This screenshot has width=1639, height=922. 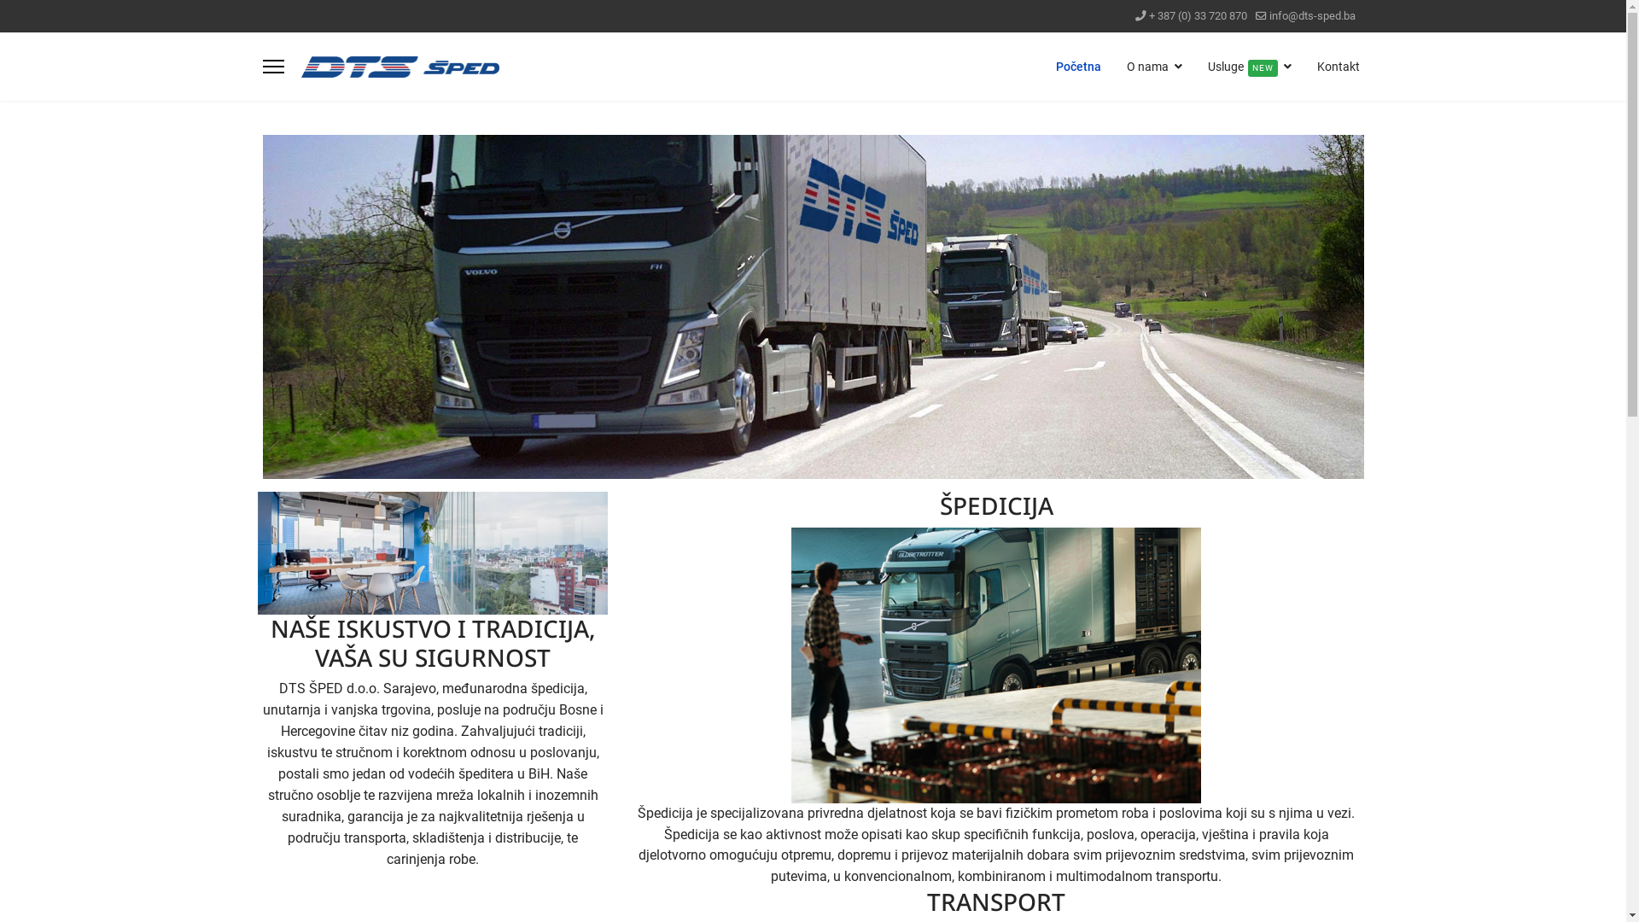 I want to click on '+ 387 (0) 33 720 870', so click(x=1197, y=15).